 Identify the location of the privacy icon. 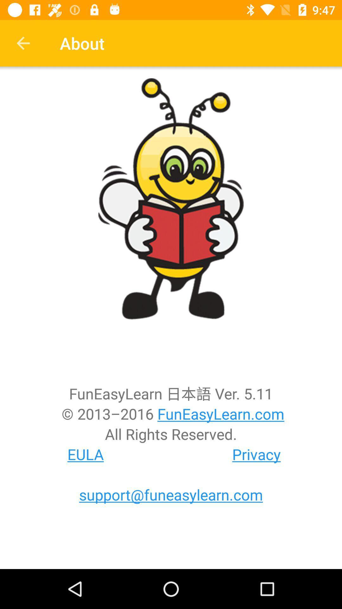
(256, 454).